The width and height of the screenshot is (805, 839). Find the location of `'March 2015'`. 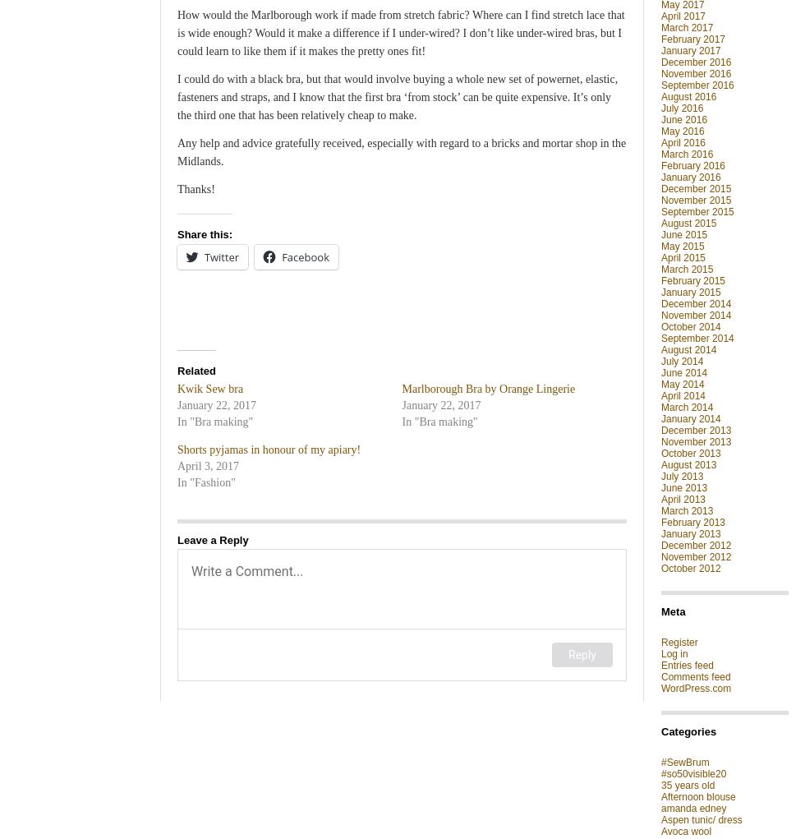

'March 2015' is located at coordinates (687, 268).